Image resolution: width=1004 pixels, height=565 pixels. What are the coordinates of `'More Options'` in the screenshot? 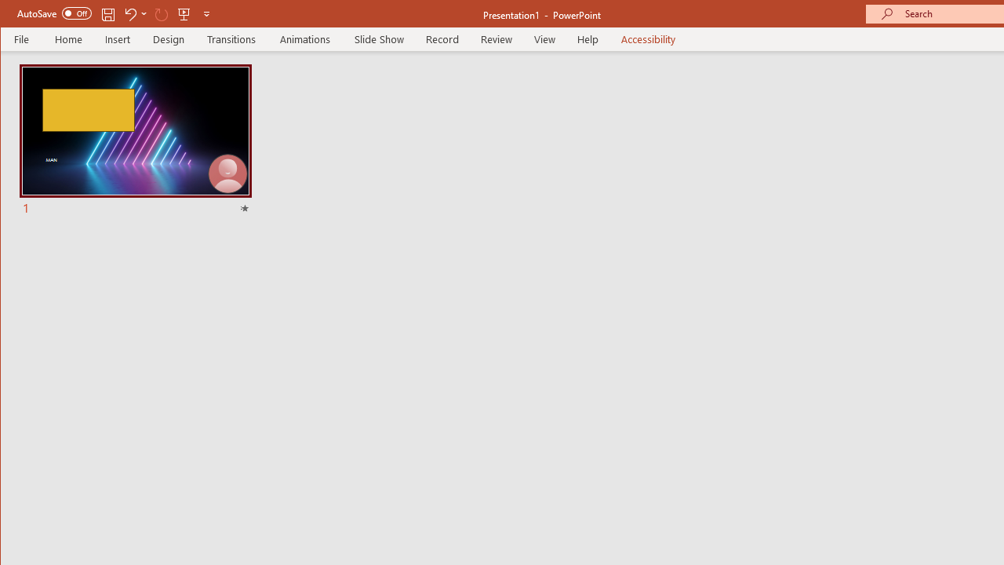 It's located at (144, 13).